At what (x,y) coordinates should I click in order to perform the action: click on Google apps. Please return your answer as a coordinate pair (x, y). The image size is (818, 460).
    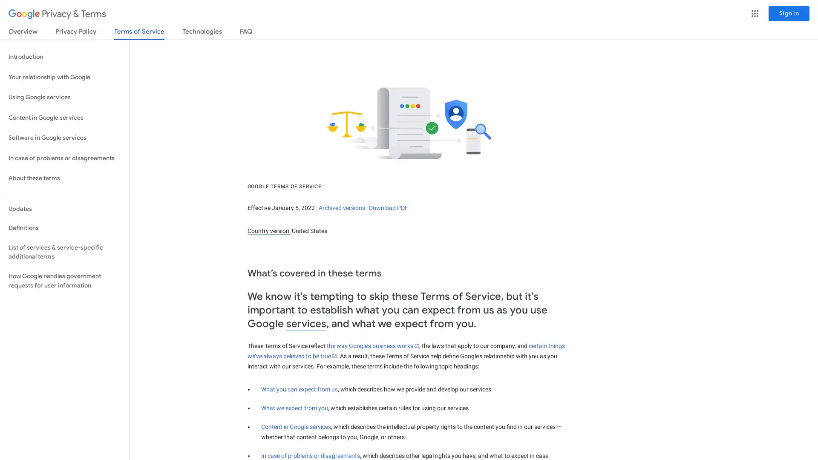
    Looking at the image, I should click on (755, 13).